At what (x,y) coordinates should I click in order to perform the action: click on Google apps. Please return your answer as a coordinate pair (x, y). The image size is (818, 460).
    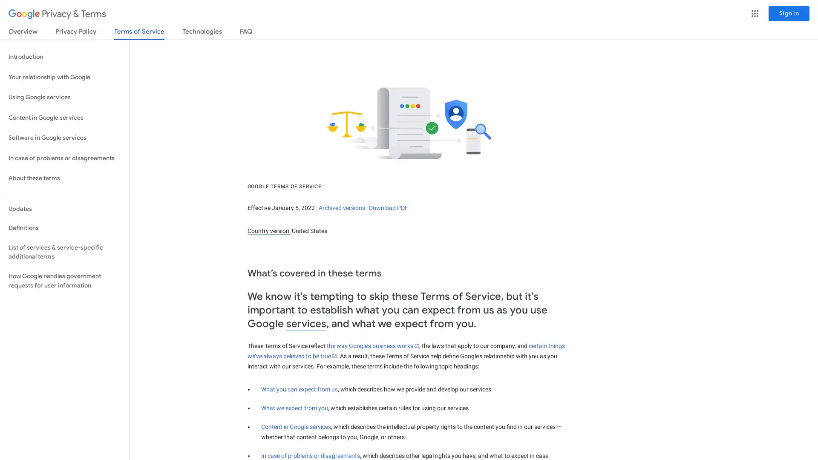
    Looking at the image, I should click on (755, 13).